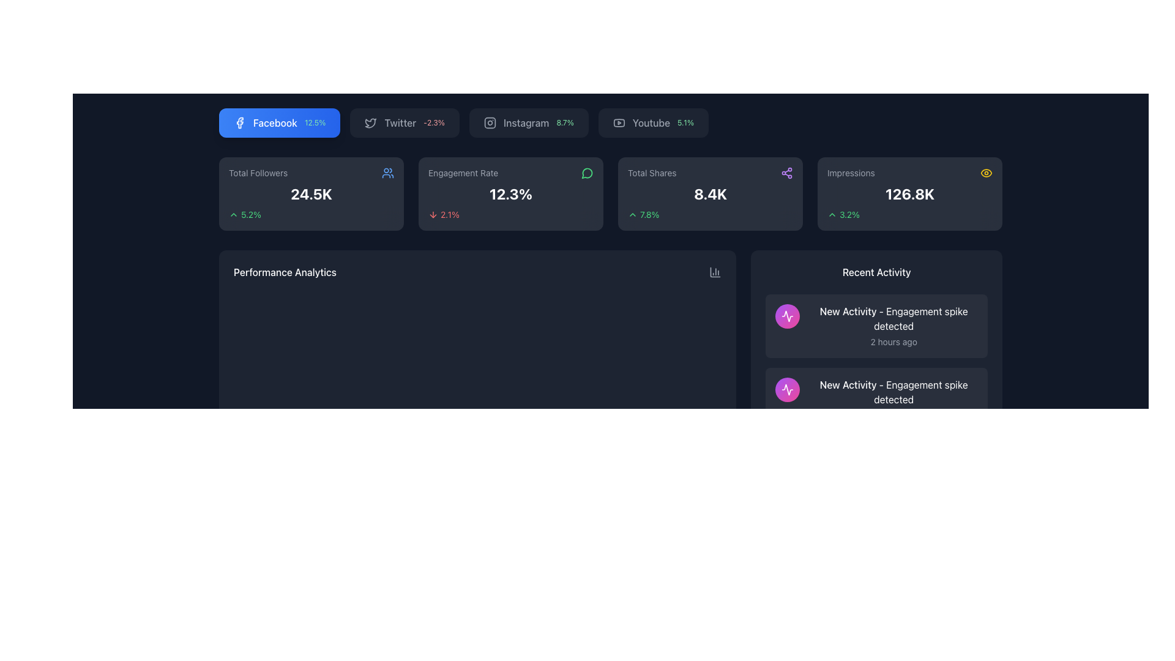 Image resolution: width=1175 pixels, height=661 pixels. What do you see at coordinates (526, 122) in the screenshot?
I see `the Text label that identifies the name of the social media platform, positioned between the Instagram logo icon and the '8.7%' text, to assist users in understanding the displayed data` at bounding box center [526, 122].